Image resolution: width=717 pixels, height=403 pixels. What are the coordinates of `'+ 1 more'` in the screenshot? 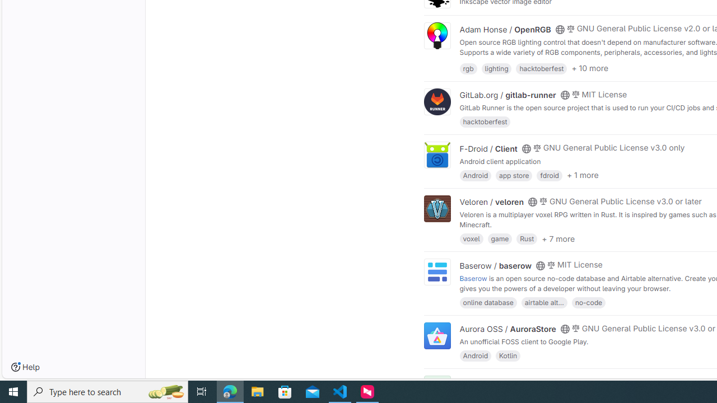 It's located at (583, 175).